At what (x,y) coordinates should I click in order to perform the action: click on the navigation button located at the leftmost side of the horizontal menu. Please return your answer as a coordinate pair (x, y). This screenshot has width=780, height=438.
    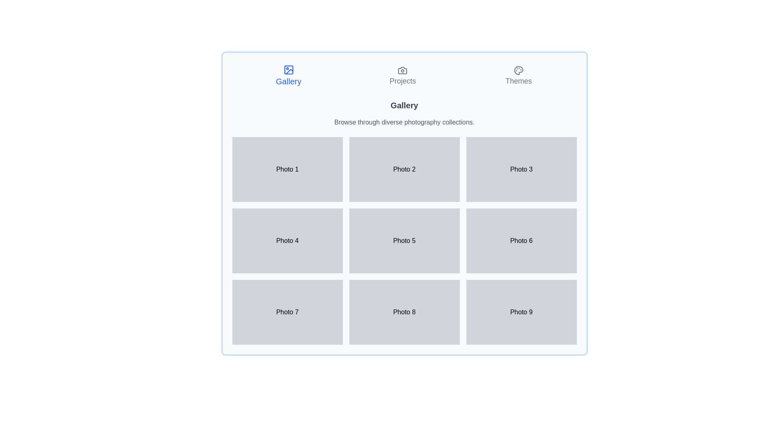
    Looking at the image, I should click on (288, 76).